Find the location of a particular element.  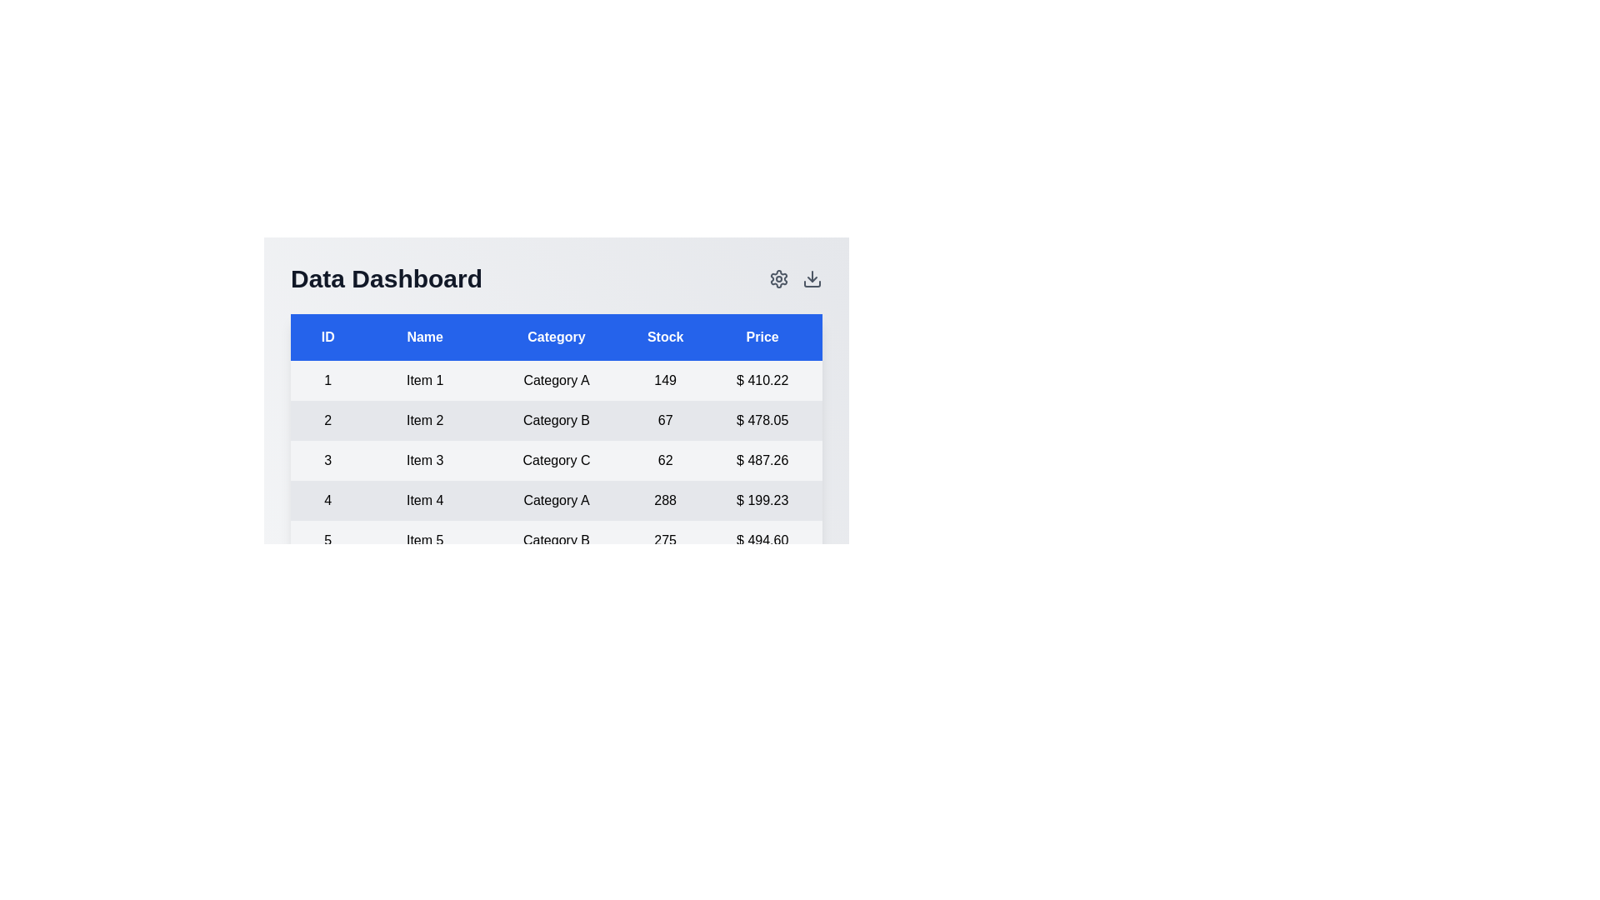

the download icon to perform the respective action is located at coordinates (812, 278).